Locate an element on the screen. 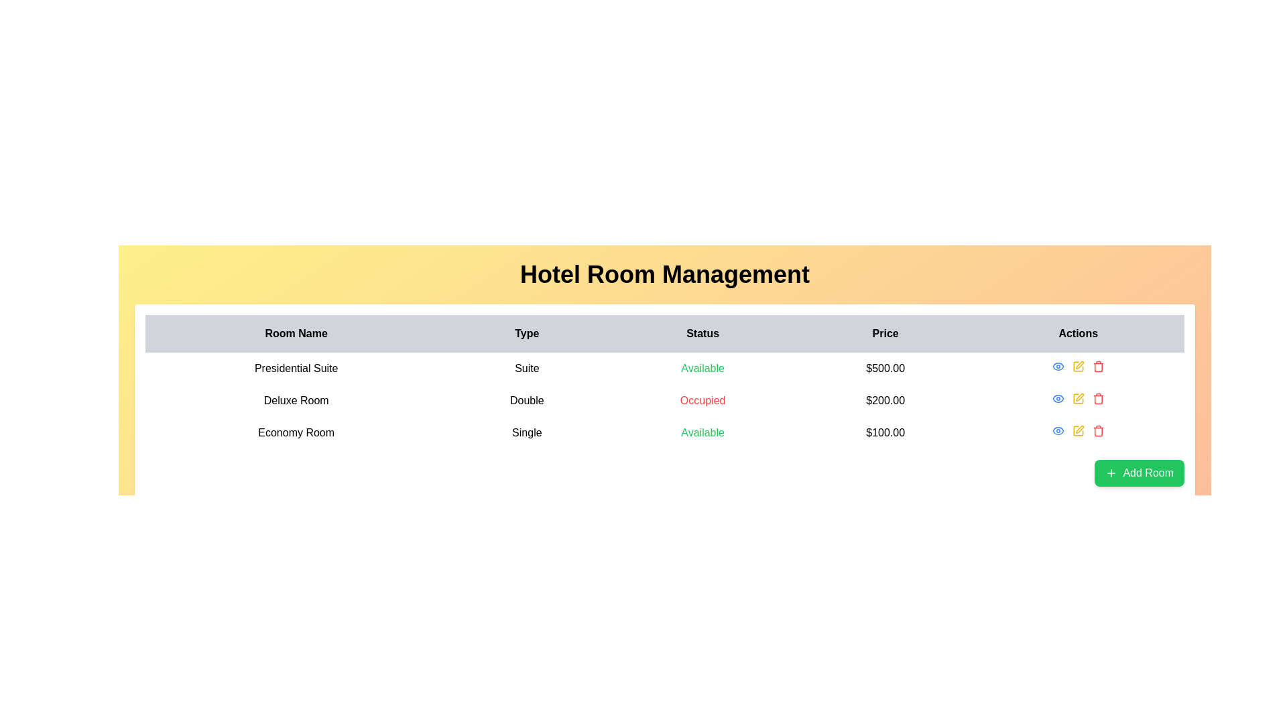 The width and height of the screenshot is (1287, 724). the 'Price' column header in the table, which is the fourth header positioned between 'Status' and 'Actions' is located at coordinates (885, 333).